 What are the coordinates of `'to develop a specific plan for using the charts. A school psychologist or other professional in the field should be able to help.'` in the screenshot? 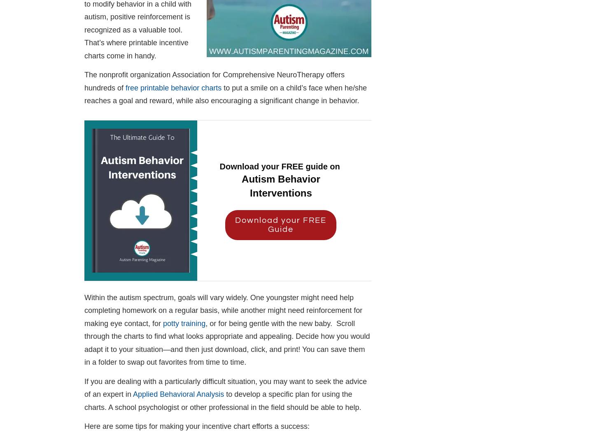 It's located at (222, 400).